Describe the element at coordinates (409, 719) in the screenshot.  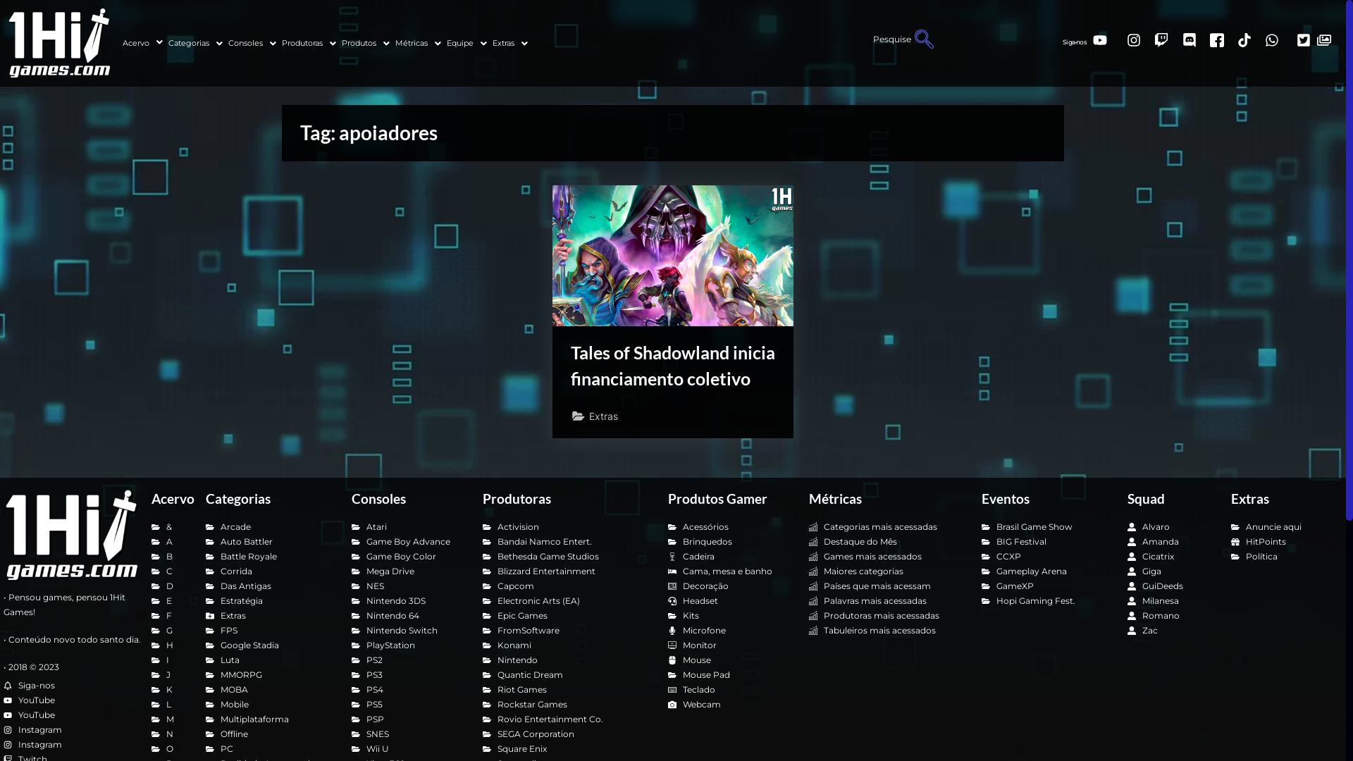
I see `'PSP'` at that location.